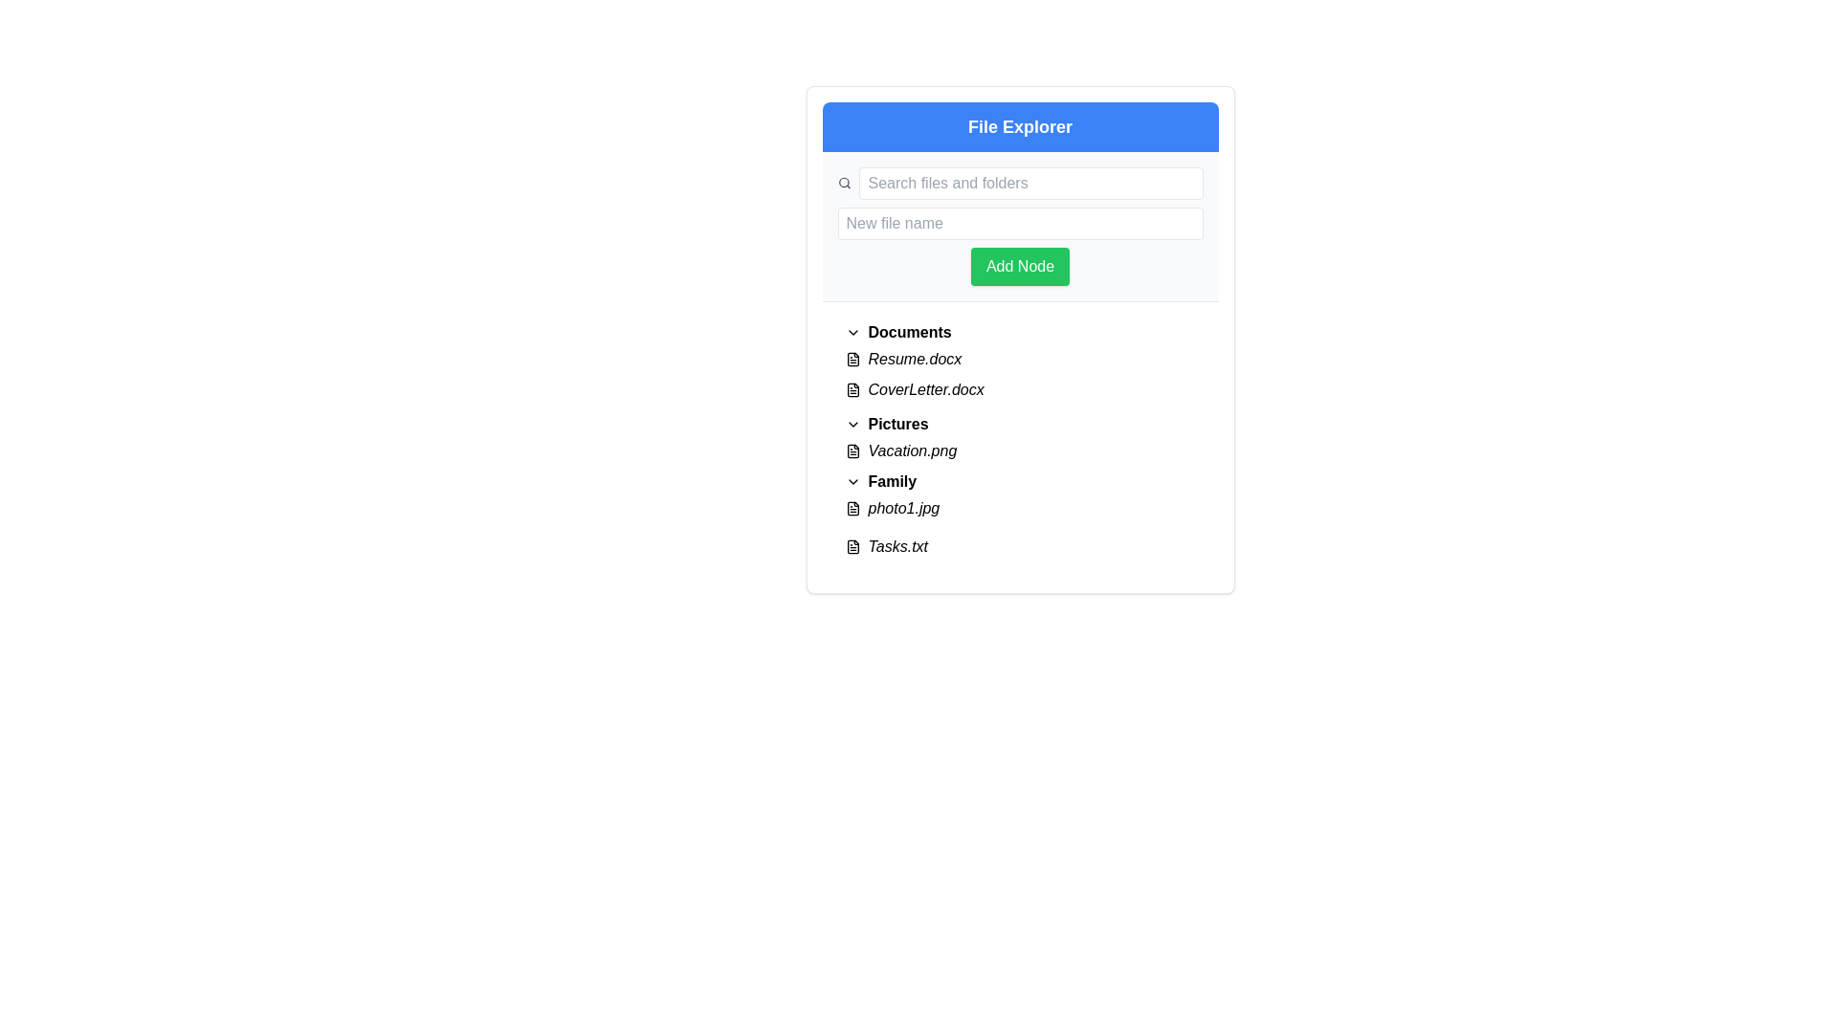  I want to click on the italicized text label displaying 'CoverLetter.docx', so click(926, 389).